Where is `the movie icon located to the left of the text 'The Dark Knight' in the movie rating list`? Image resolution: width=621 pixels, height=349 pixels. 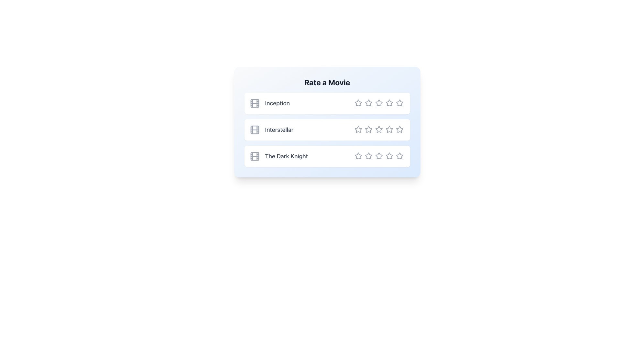 the movie icon located to the left of the text 'The Dark Knight' in the movie rating list is located at coordinates (254, 156).